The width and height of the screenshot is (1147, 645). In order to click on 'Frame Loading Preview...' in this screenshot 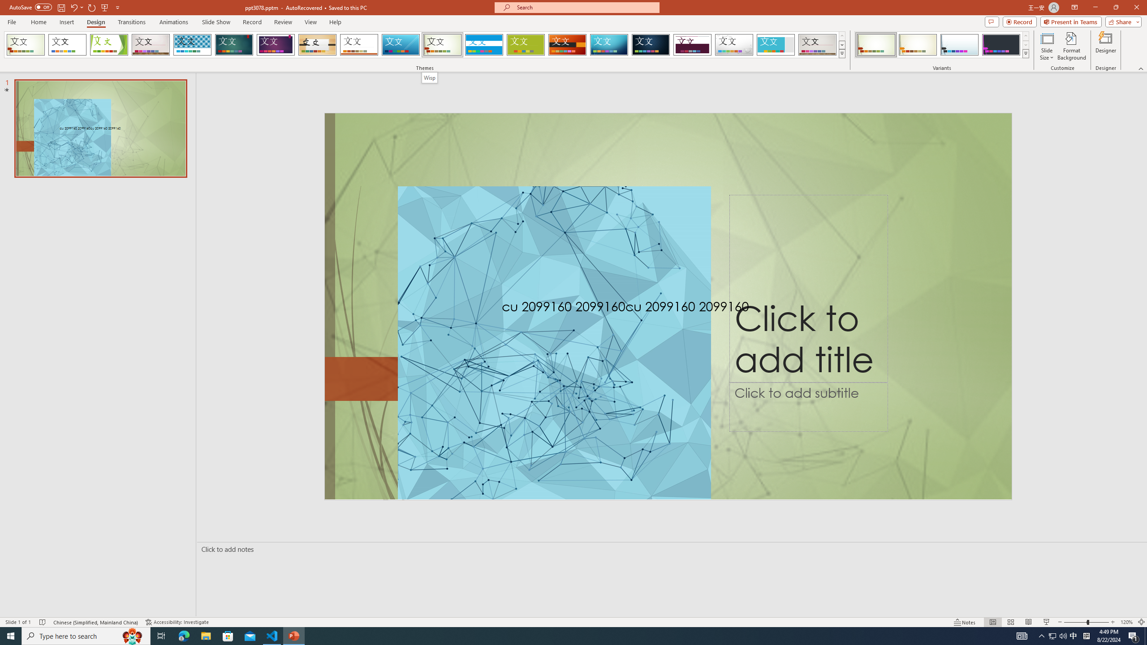, I will do `click(776, 44)`.